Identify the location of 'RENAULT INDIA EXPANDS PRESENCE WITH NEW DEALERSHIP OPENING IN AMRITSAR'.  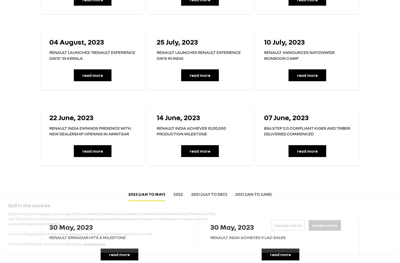
(90, 131).